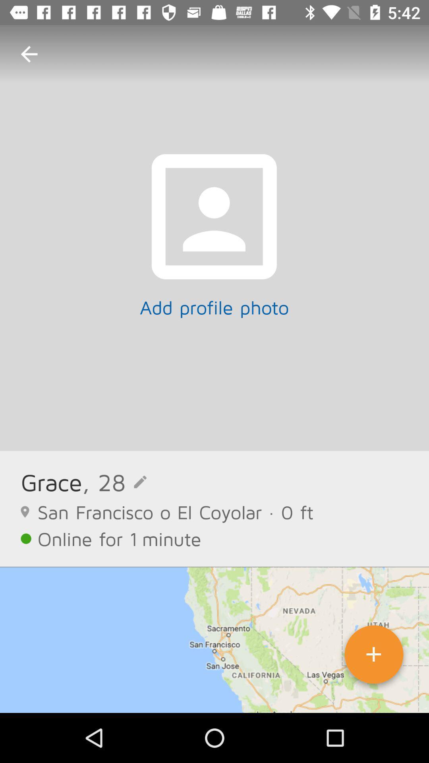  I want to click on icon above the san francisco o item, so click(51, 482).